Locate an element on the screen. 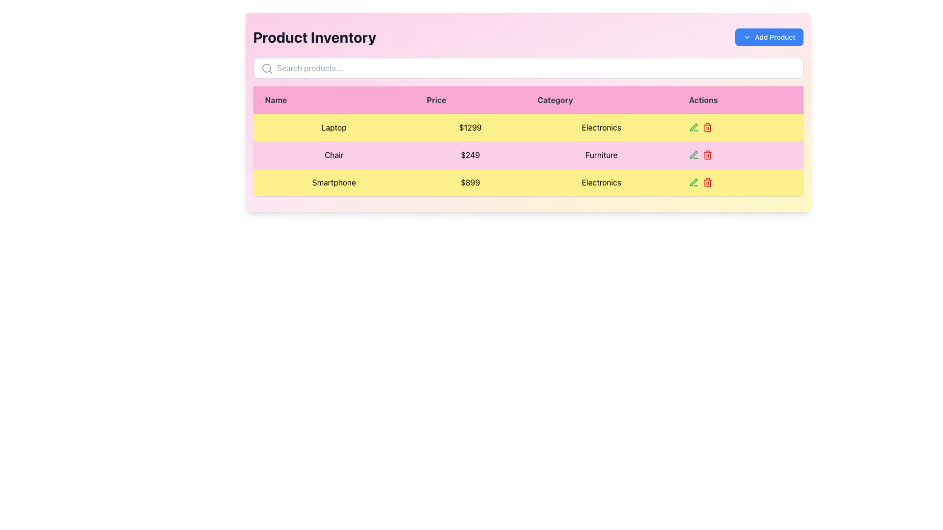 This screenshot has width=943, height=530. the static text label that describes the category classification 'Chair' in the second row of the table, located between the price '$249' and the 'Actions' column is located at coordinates (601, 155).